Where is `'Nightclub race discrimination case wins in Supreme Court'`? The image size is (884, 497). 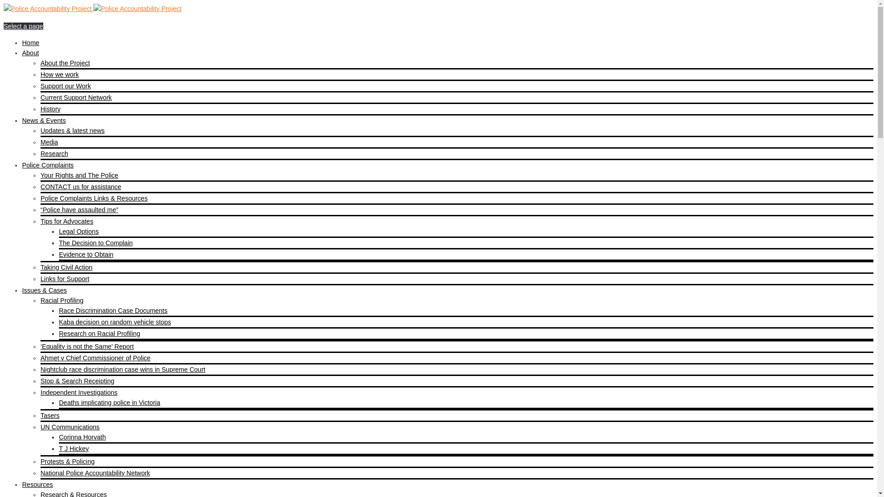 'Nightclub race discrimination case wins in Supreme Court' is located at coordinates (122, 369).